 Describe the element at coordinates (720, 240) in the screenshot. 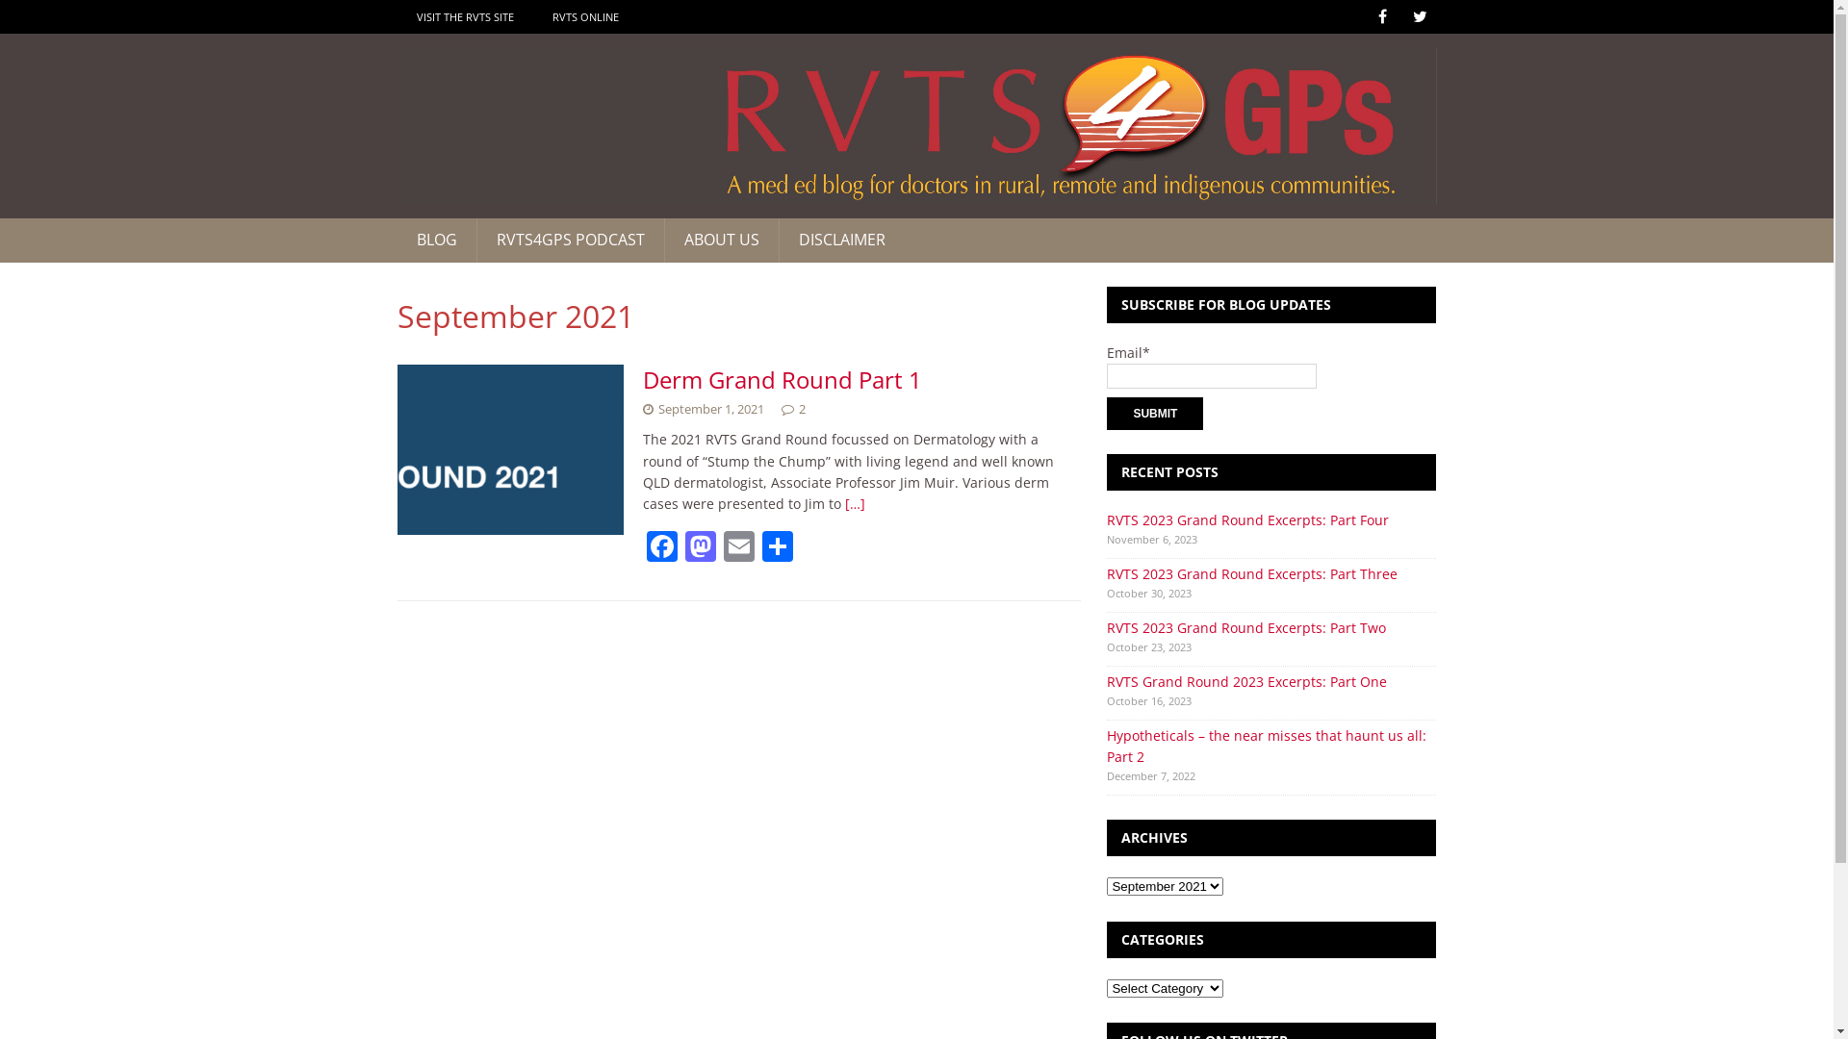

I see `'ABOUT US'` at that location.